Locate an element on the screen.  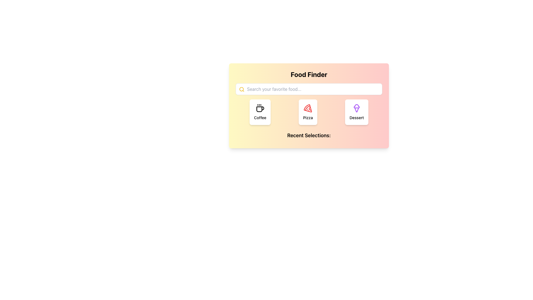
the pizza icon located at the top-left corner of the 'Pizza' section, which represents a selectable option for pizza-related features is located at coordinates (308, 108).